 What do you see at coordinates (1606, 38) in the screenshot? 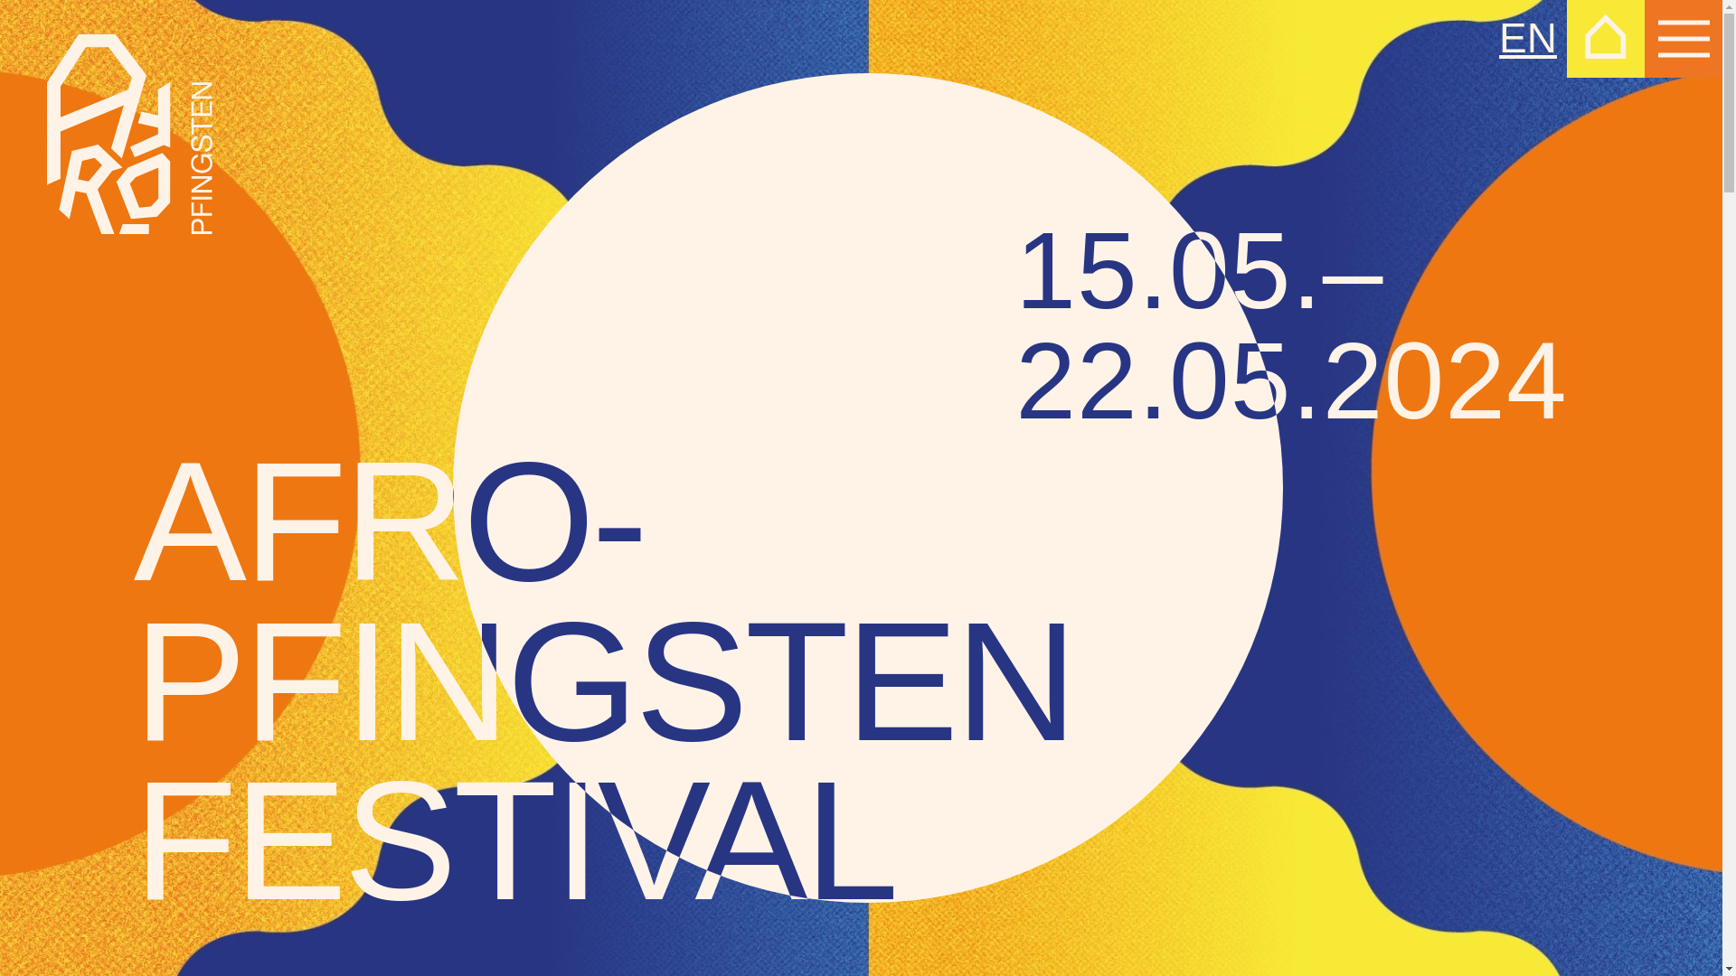
I see `'zur Startseite'` at bounding box center [1606, 38].